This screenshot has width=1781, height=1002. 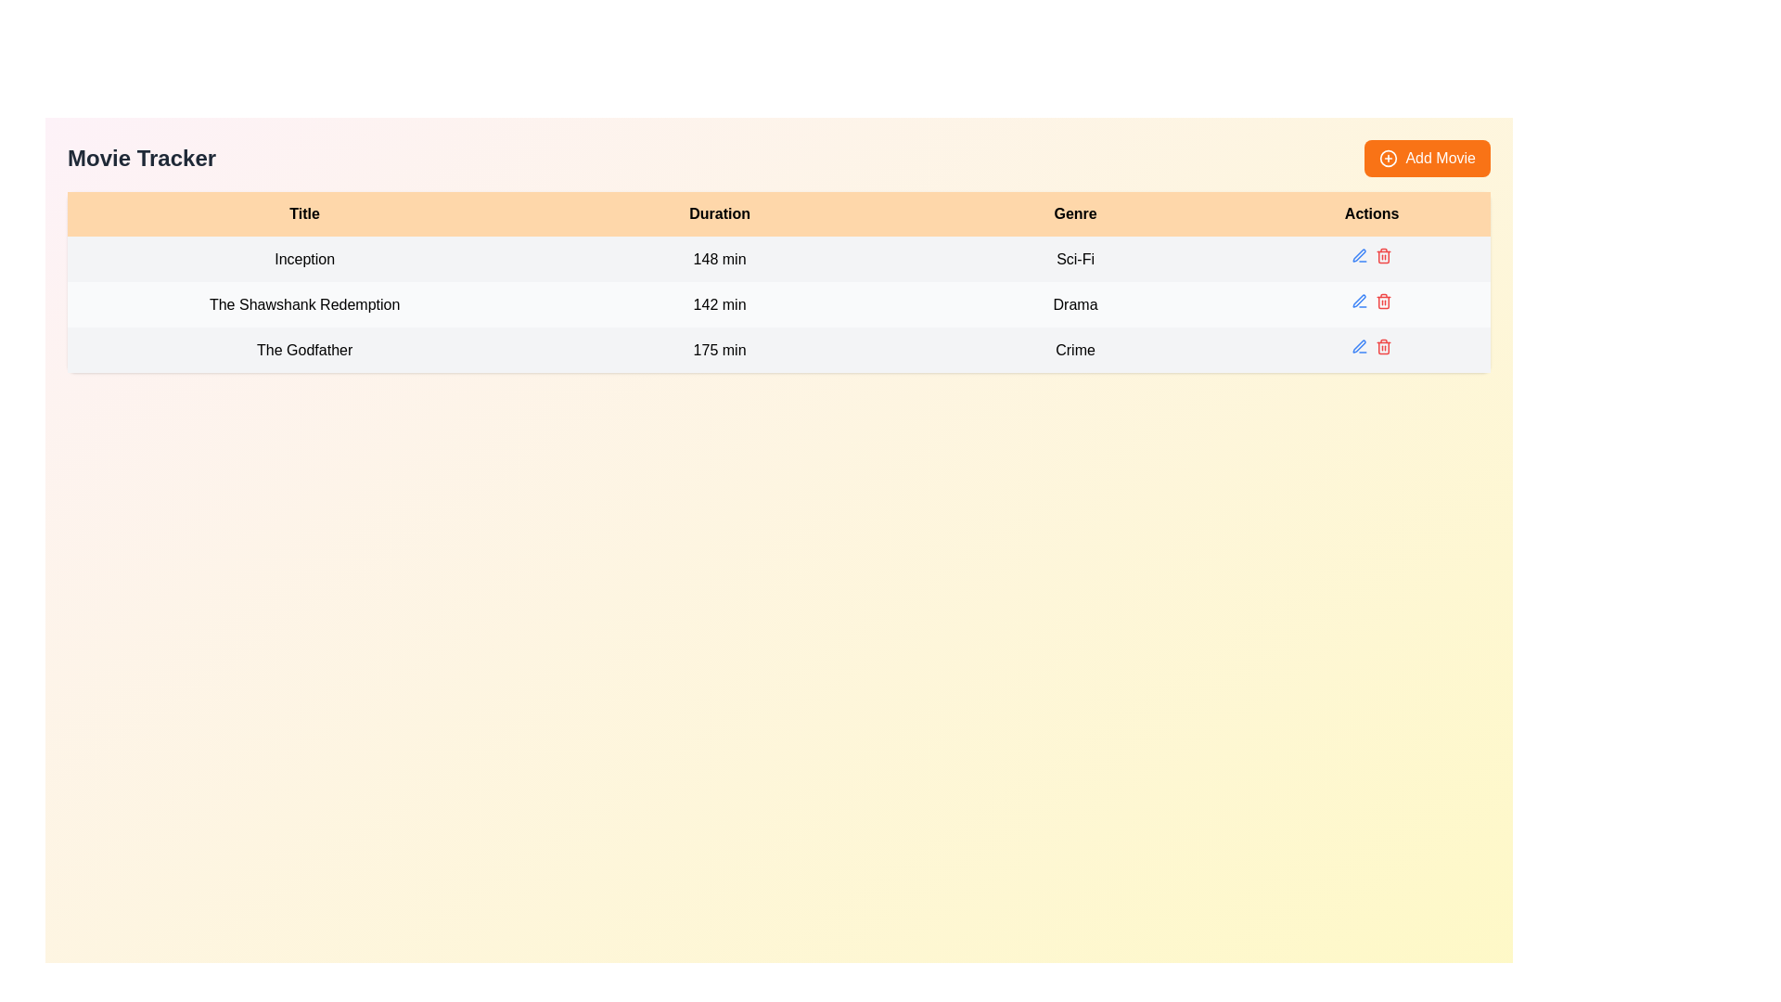 I want to click on the text label displaying the duration of the movie 'The Godfather' located in the third row under the 'Duration' column in a table, so click(x=719, y=350).